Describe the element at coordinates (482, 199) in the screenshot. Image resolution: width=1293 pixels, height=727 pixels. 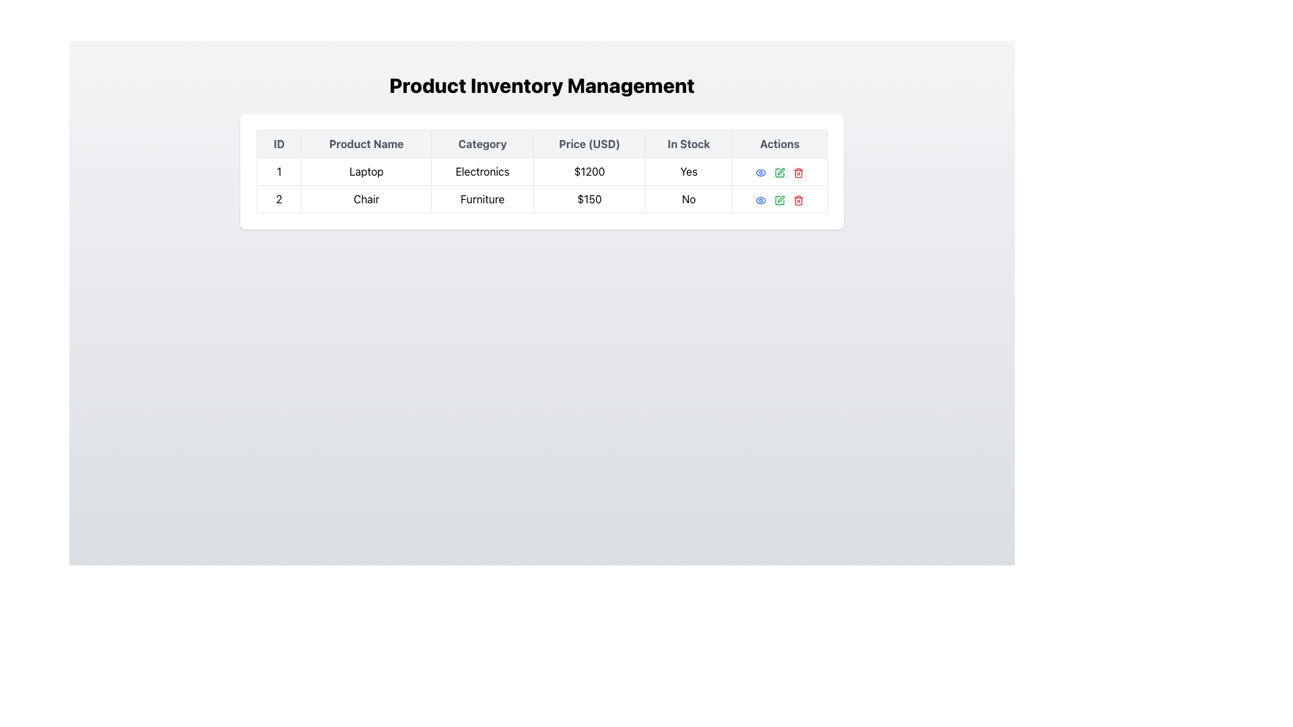
I see `the text label 'Furniture' which is styled with padding and bordered edges, located in the third column of the second row in a tabular layout, adjacent to 'Chair' and '$150'` at that location.